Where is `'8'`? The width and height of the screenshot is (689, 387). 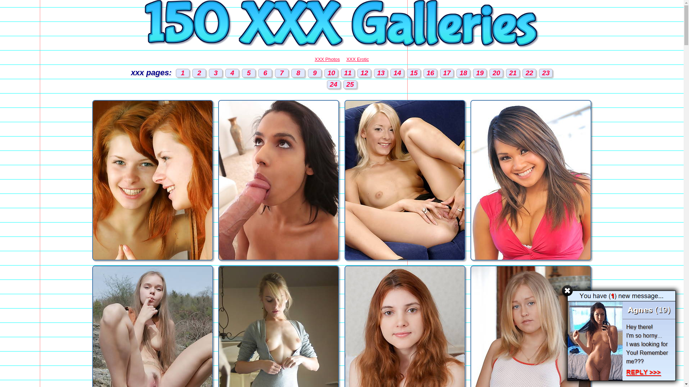 '8' is located at coordinates (298, 73).